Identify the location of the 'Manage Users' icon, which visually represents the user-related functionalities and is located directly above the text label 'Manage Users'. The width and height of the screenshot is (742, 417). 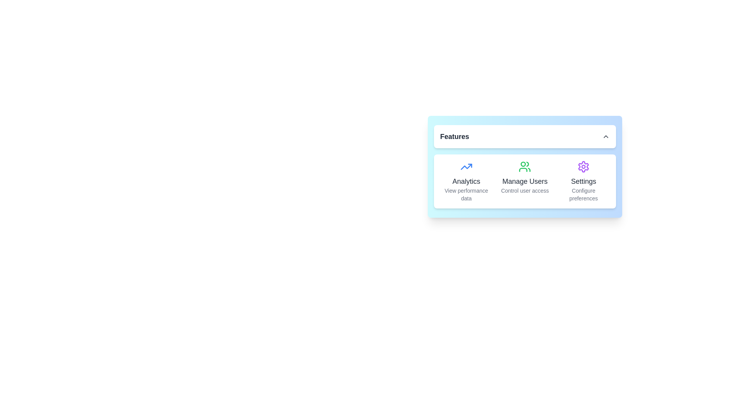
(525, 166).